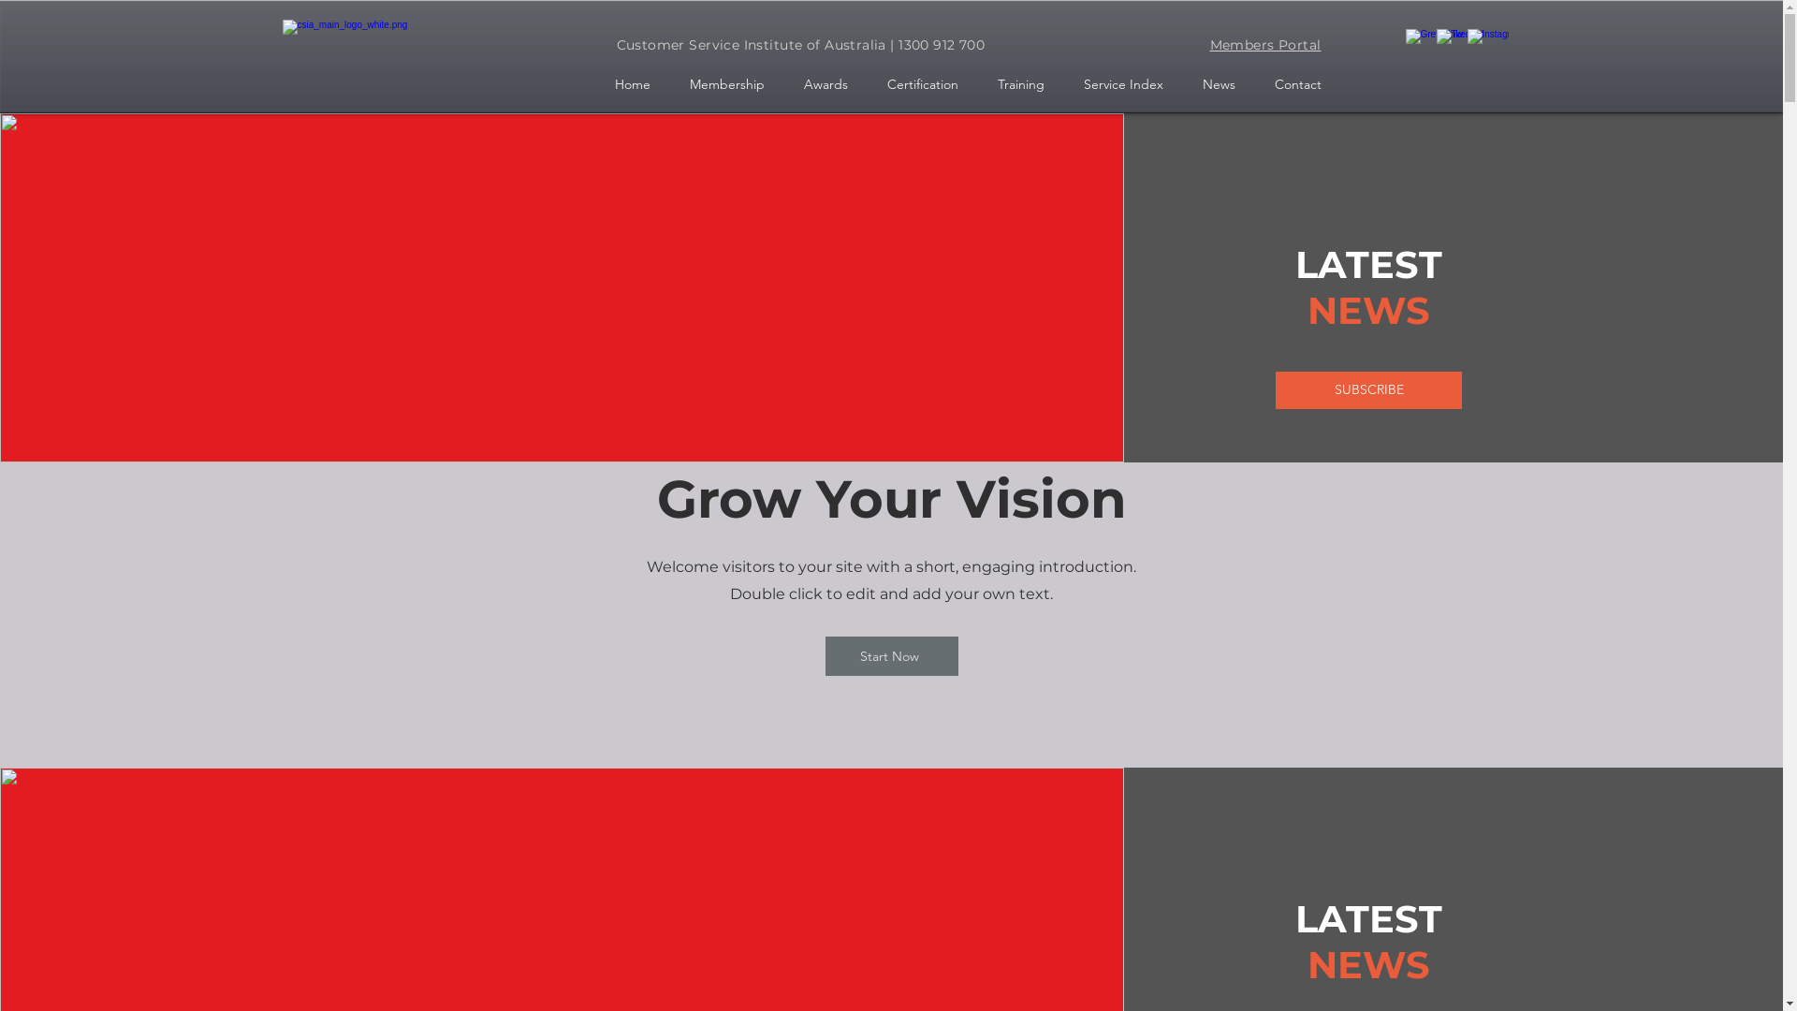  What do you see at coordinates (891, 655) in the screenshot?
I see `'Start Now'` at bounding box center [891, 655].